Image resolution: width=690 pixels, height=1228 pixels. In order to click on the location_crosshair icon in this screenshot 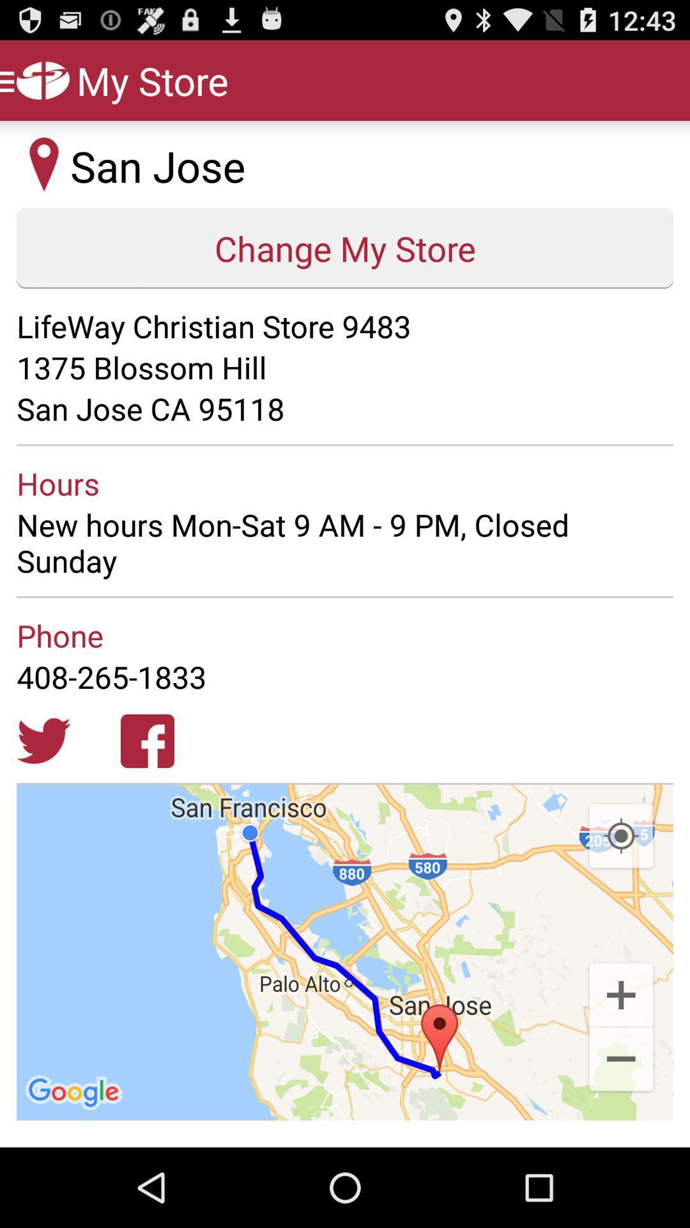, I will do `click(620, 895)`.